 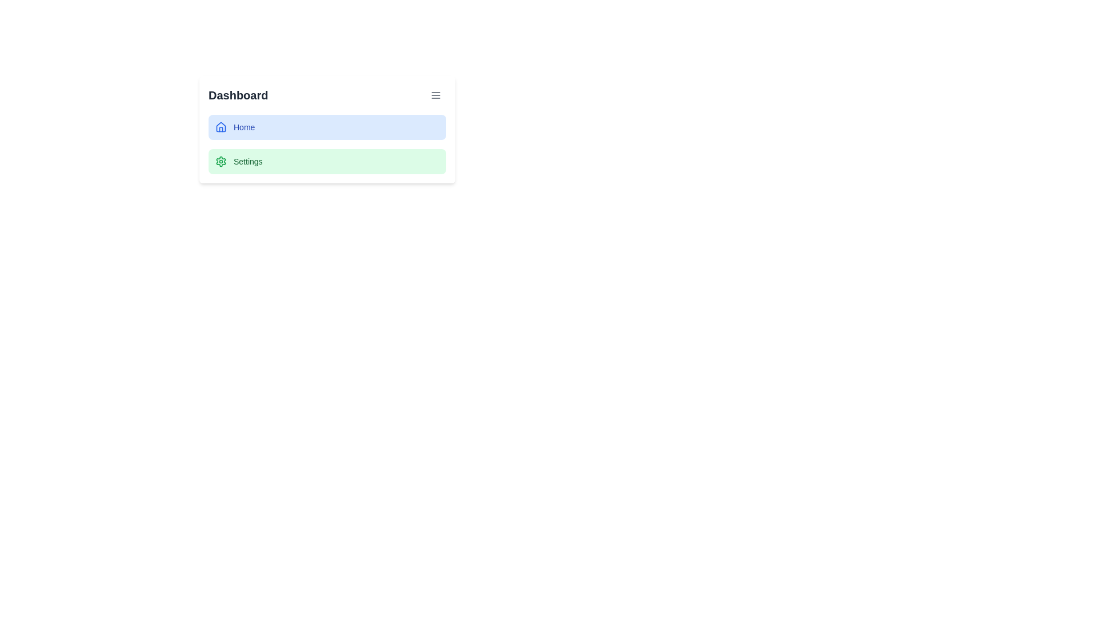 I want to click on on the menu icon button, which is a compact button with three horizontal lines styled in gray, located, so click(x=435, y=94).